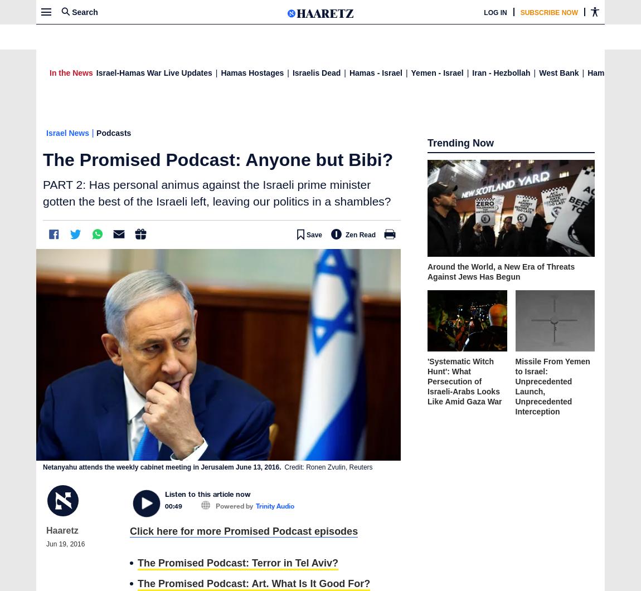  Describe the element at coordinates (113, 133) in the screenshot. I see `'Podcasts'` at that location.